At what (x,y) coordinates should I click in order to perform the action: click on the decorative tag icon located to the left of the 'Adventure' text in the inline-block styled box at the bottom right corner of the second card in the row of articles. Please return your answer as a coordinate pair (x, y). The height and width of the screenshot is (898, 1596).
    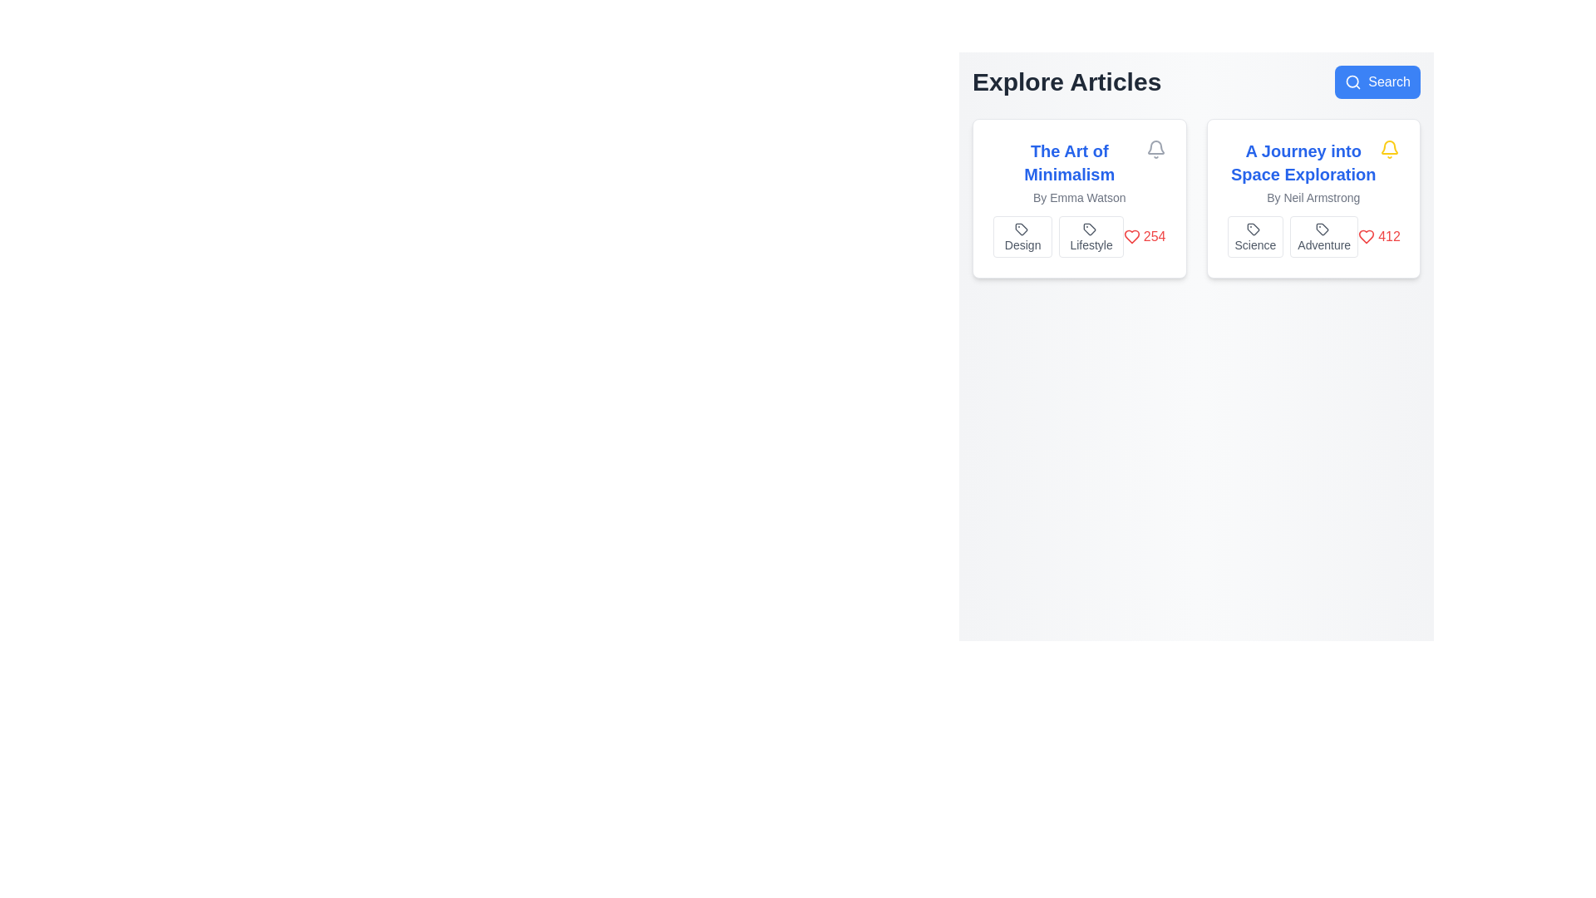
    Looking at the image, I should click on (1322, 229).